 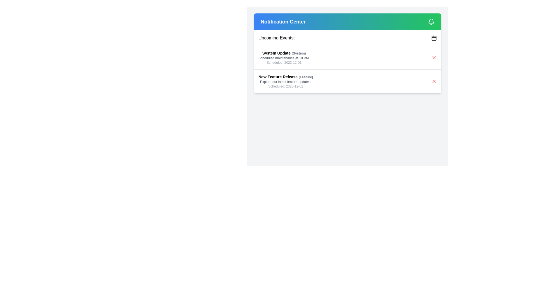 I want to click on the descriptive label that provides contextual information about the feature update, positioned below the title 'New Feature Release (Feature)' and above the text 'Scheduled: 2023-12-02', so click(x=286, y=82).